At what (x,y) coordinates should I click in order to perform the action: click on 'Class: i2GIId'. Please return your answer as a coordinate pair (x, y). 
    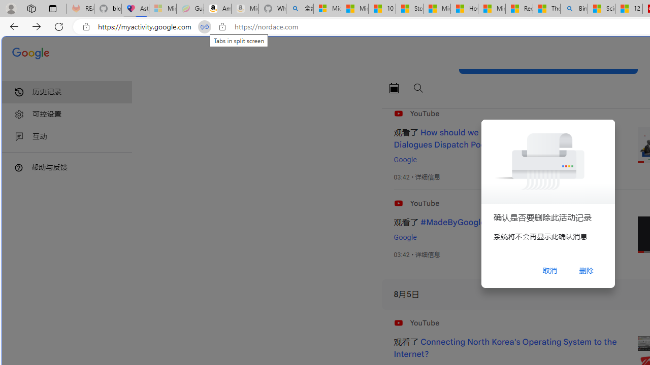
    Looking at the image, I should click on (19, 137).